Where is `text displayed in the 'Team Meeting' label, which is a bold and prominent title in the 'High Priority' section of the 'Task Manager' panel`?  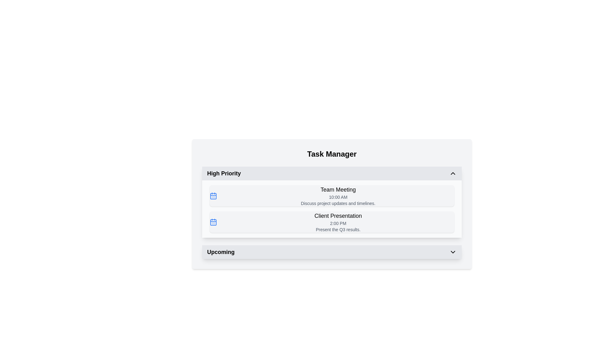 text displayed in the 'Team Meeting' label, which is a bold and prominent title in the 'High Priority' section of the 'Task Manager' panel is located at coordinates (338, 189).